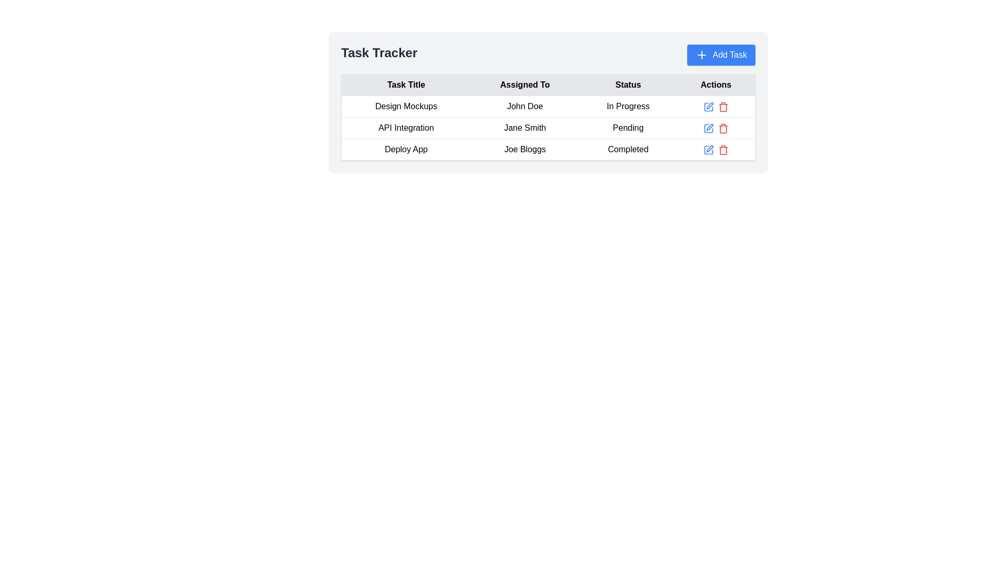 This screenshot has height=567, width=1008. What do you see at coordinates (525, 150) in the screenshot?
I see `the Text label in the third row under the 'Assigned To' column containing the text 'Joe Bloggs' for the 'Deploy App' task` at bounding box center [525, 150].